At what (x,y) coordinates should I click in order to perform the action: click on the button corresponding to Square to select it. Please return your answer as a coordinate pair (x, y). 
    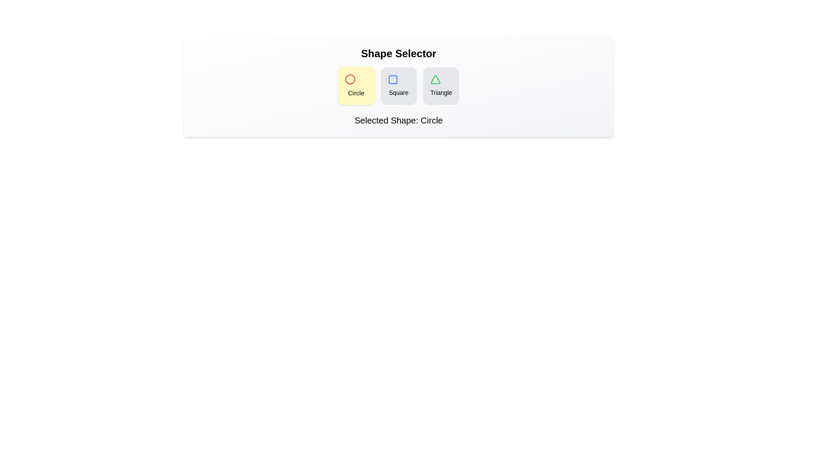
    Looking at the image, I should click on (398, 85).